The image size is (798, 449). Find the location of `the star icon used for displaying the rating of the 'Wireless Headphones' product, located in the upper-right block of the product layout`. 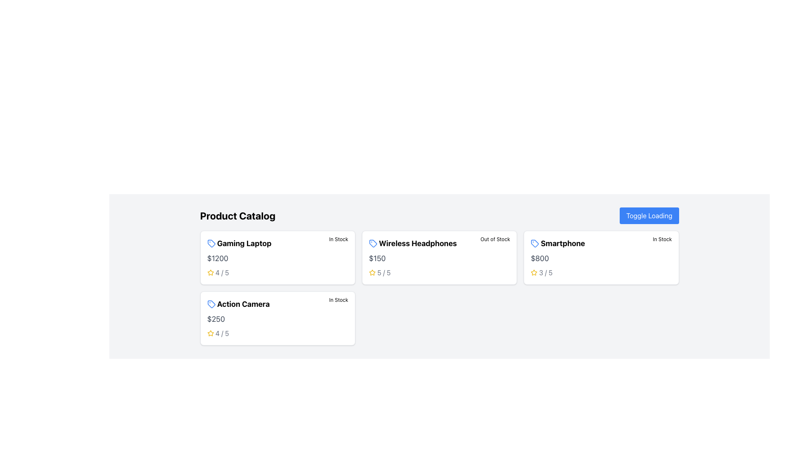

the star icon used for displaying the rating of the 'Wireless Headphones' product, located in the upper-right block of the product layout is located at coordinates (372, 272).